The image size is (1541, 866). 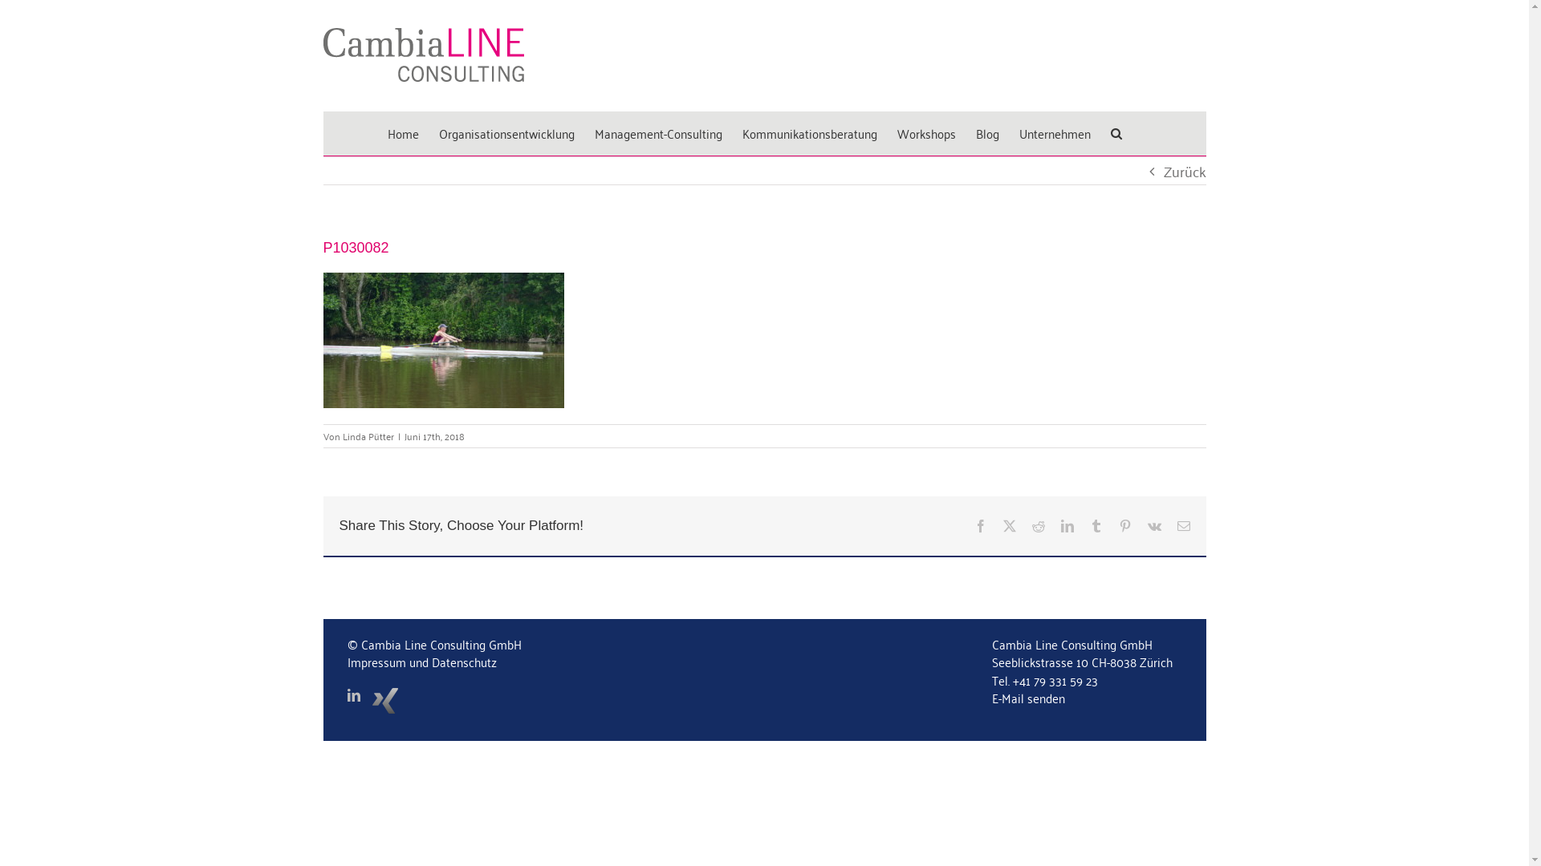 I want to click on 'Workshops', so click(x=926, y=132).